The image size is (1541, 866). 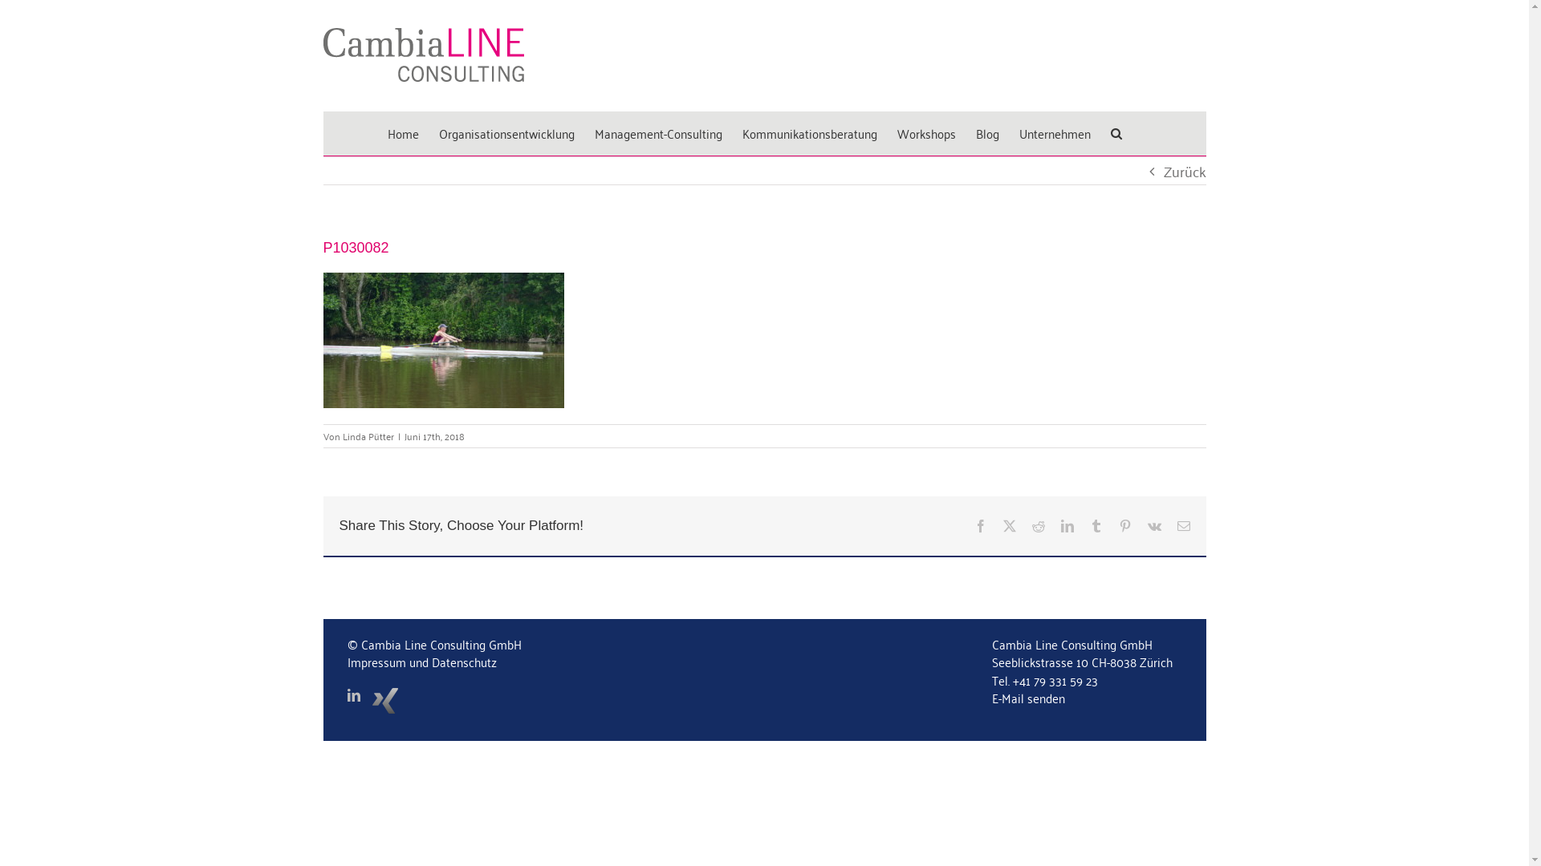 I want to click on 'Workshops', so click(x=926, y=132).